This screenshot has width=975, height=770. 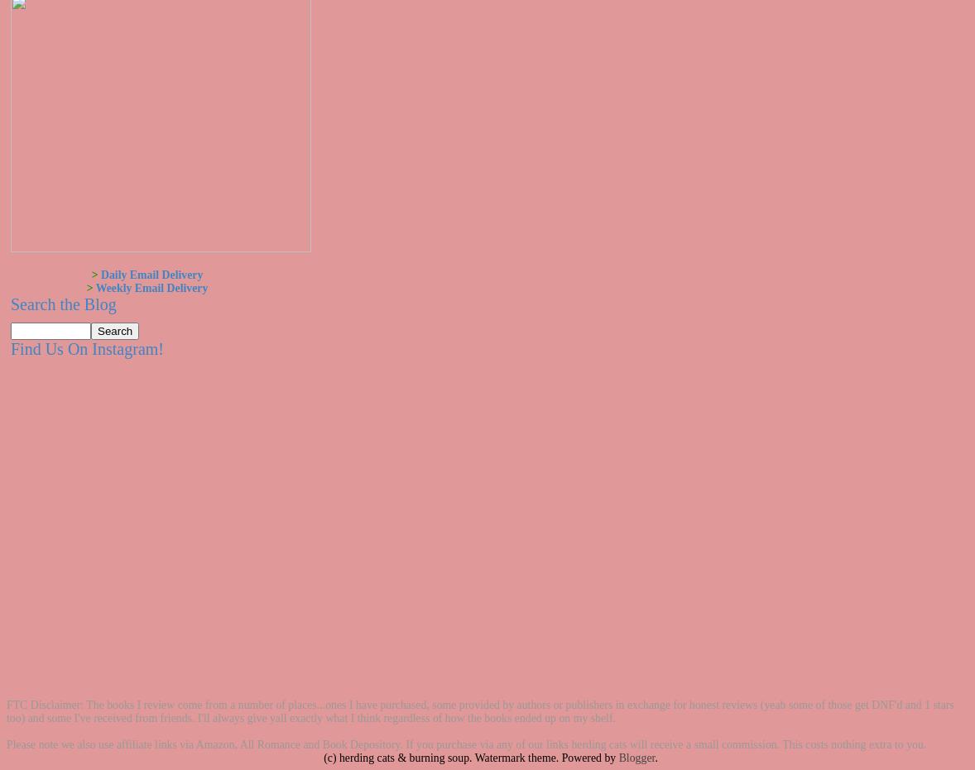 What do you see at coordinates (150, 274) in the screenshot?
I see `'Daily Email Delivery'` at bounding box center [150, 274].